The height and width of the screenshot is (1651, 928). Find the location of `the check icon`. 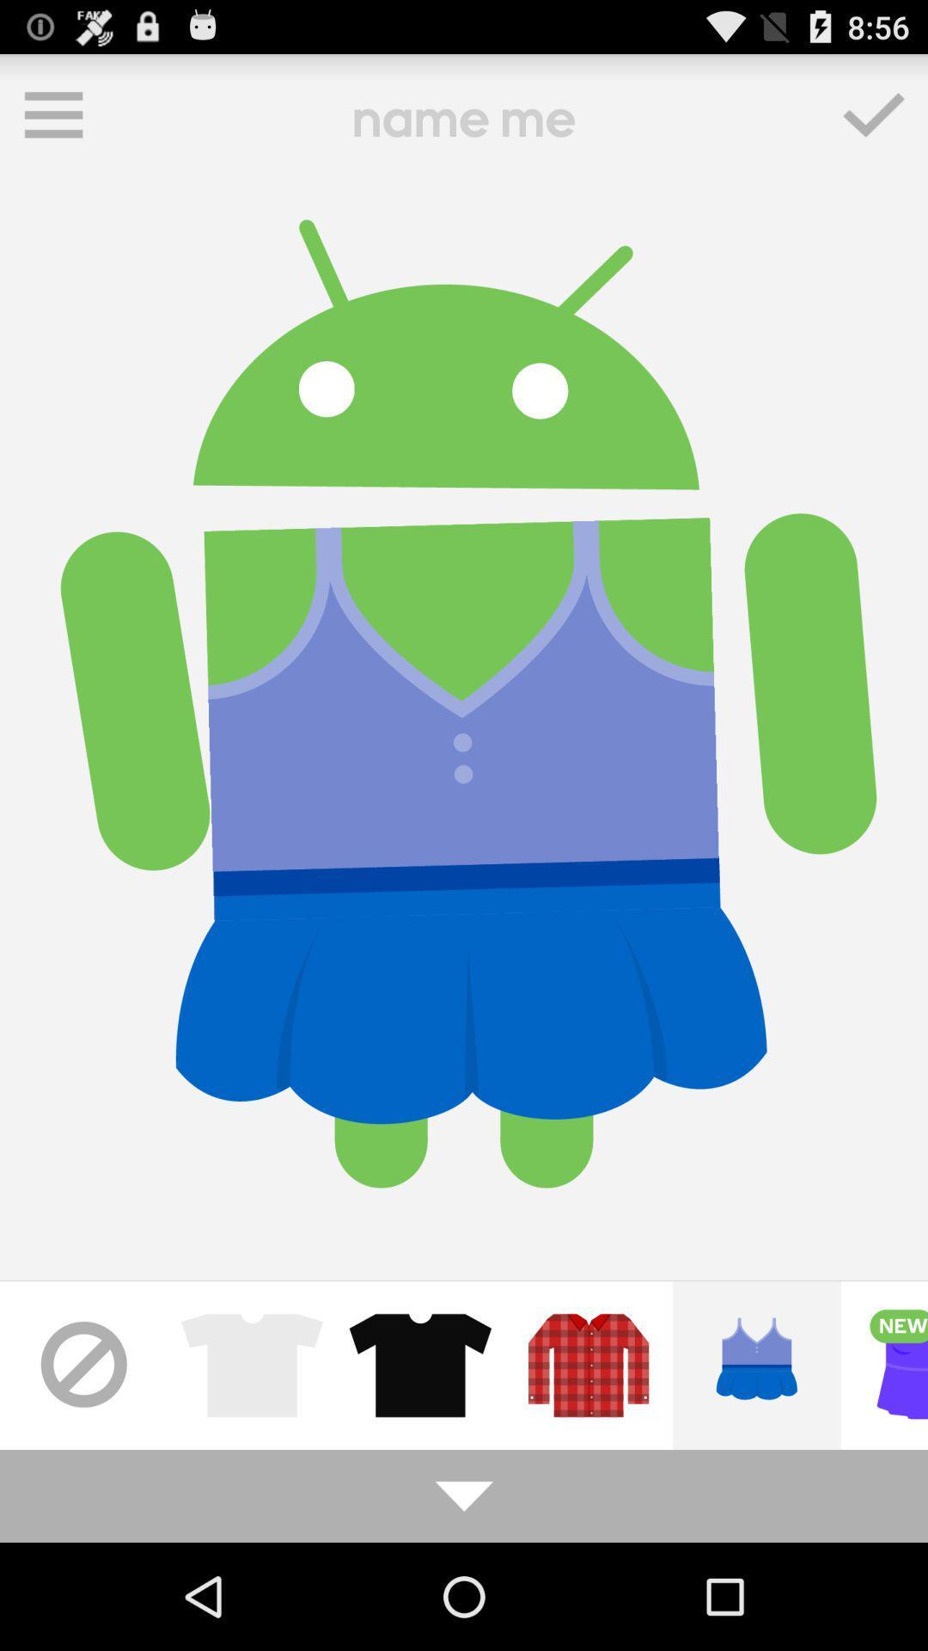

the check icon is located at coordinates (874, 122).